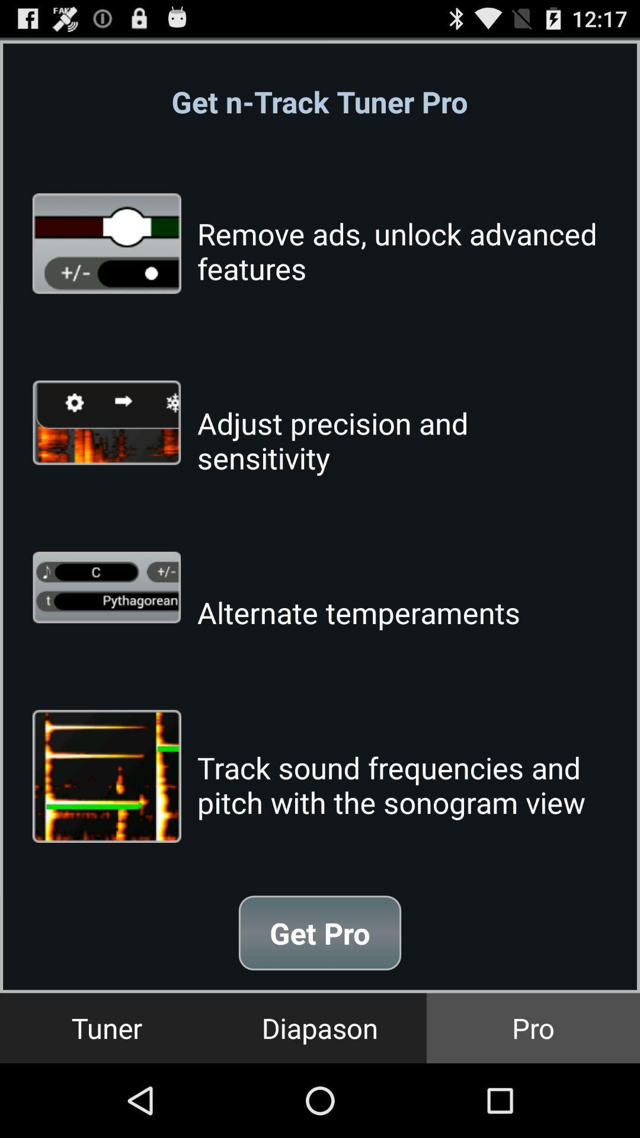 Image resolution: width=640 pixels, height=1138 pixels. Describe the element at coordinates (320, 1027) in the screenshot. I see `icon to the left of pro button` at that location.